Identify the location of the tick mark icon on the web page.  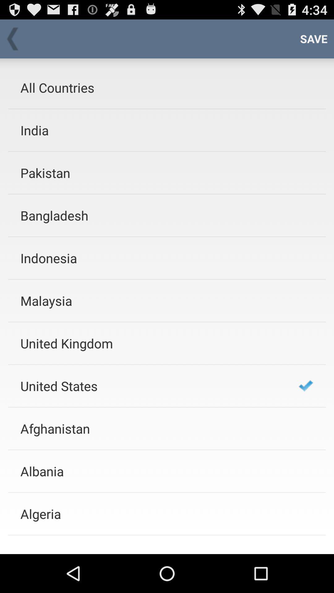
(306, 385).